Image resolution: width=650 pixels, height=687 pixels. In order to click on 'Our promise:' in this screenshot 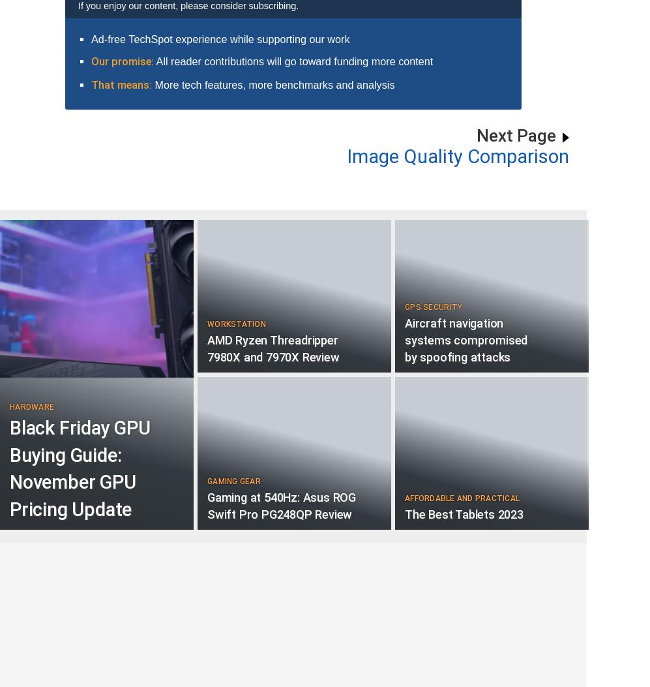, I will do `click(123, 61)`.